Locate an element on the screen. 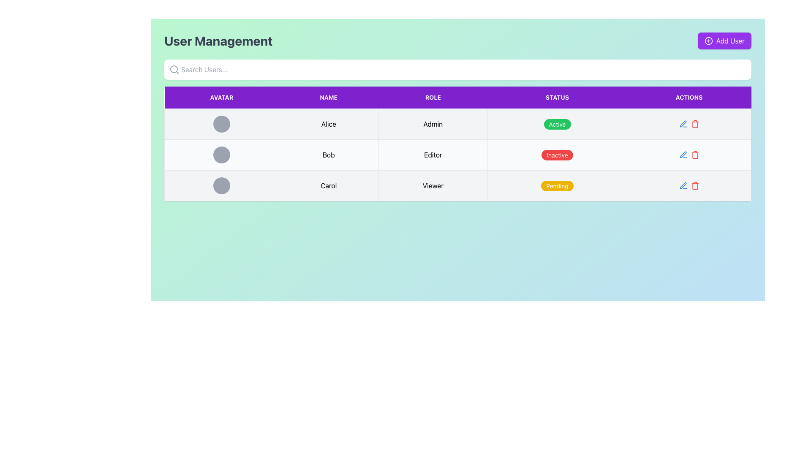 This screenshot has height=456, width=811. the 'Pending' status indicator label for user 'Carol' located in the 'STATUS' column of the table under the 'Viewer' section is located at coordinates (557, 185).